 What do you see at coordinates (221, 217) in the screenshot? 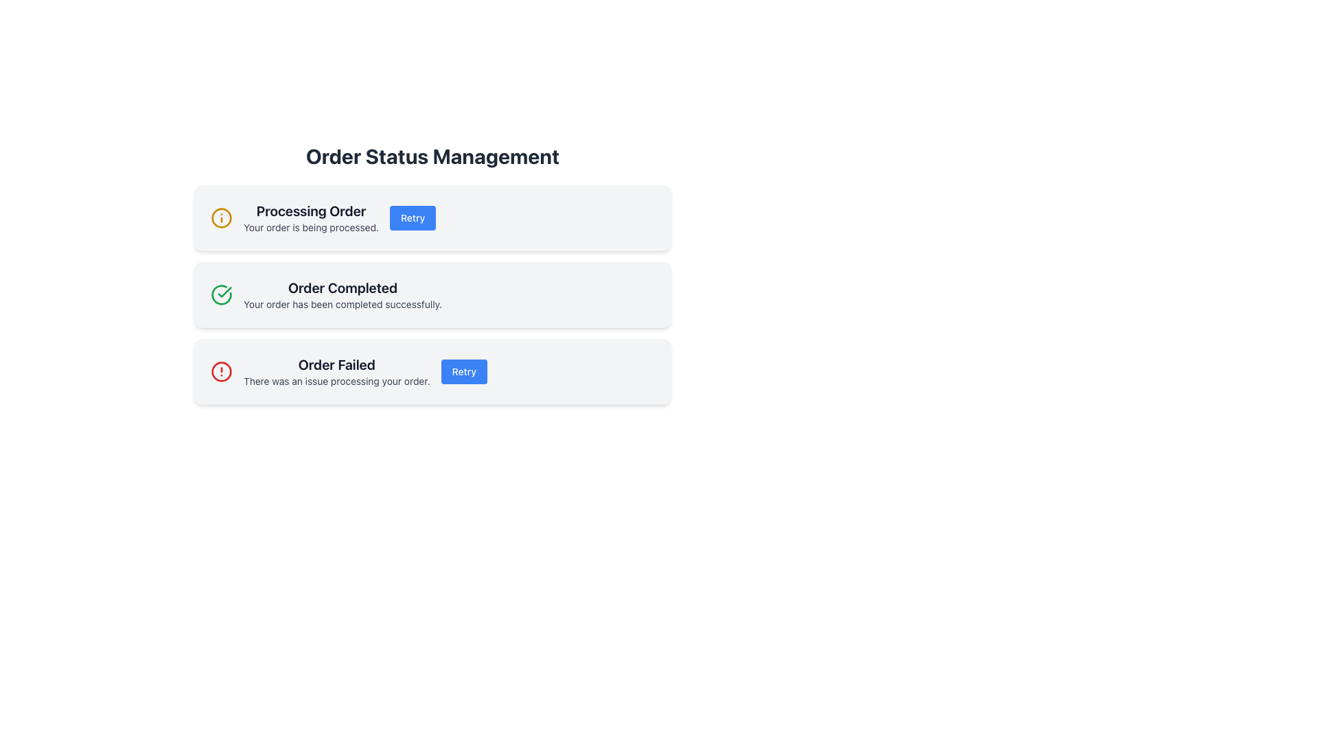
I see `the 'information' icon indicating a processing state, located to the left of the 'Processing Order' header` at bounding box center [221, 217].